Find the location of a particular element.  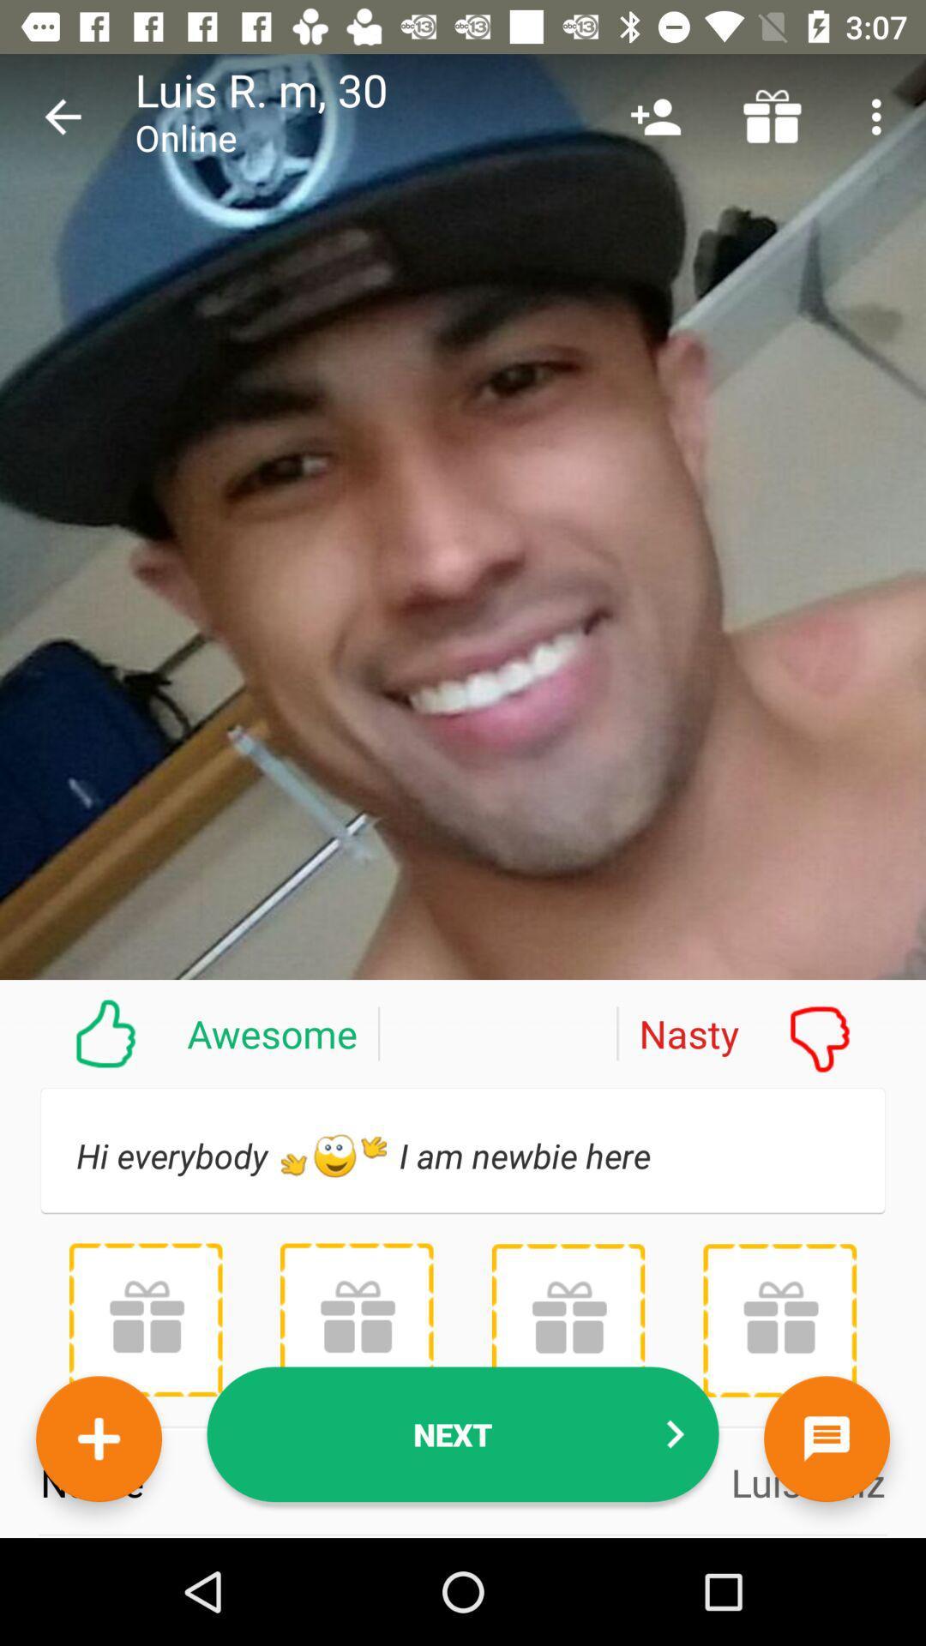

new friend is located at coordinates (99, 1439).